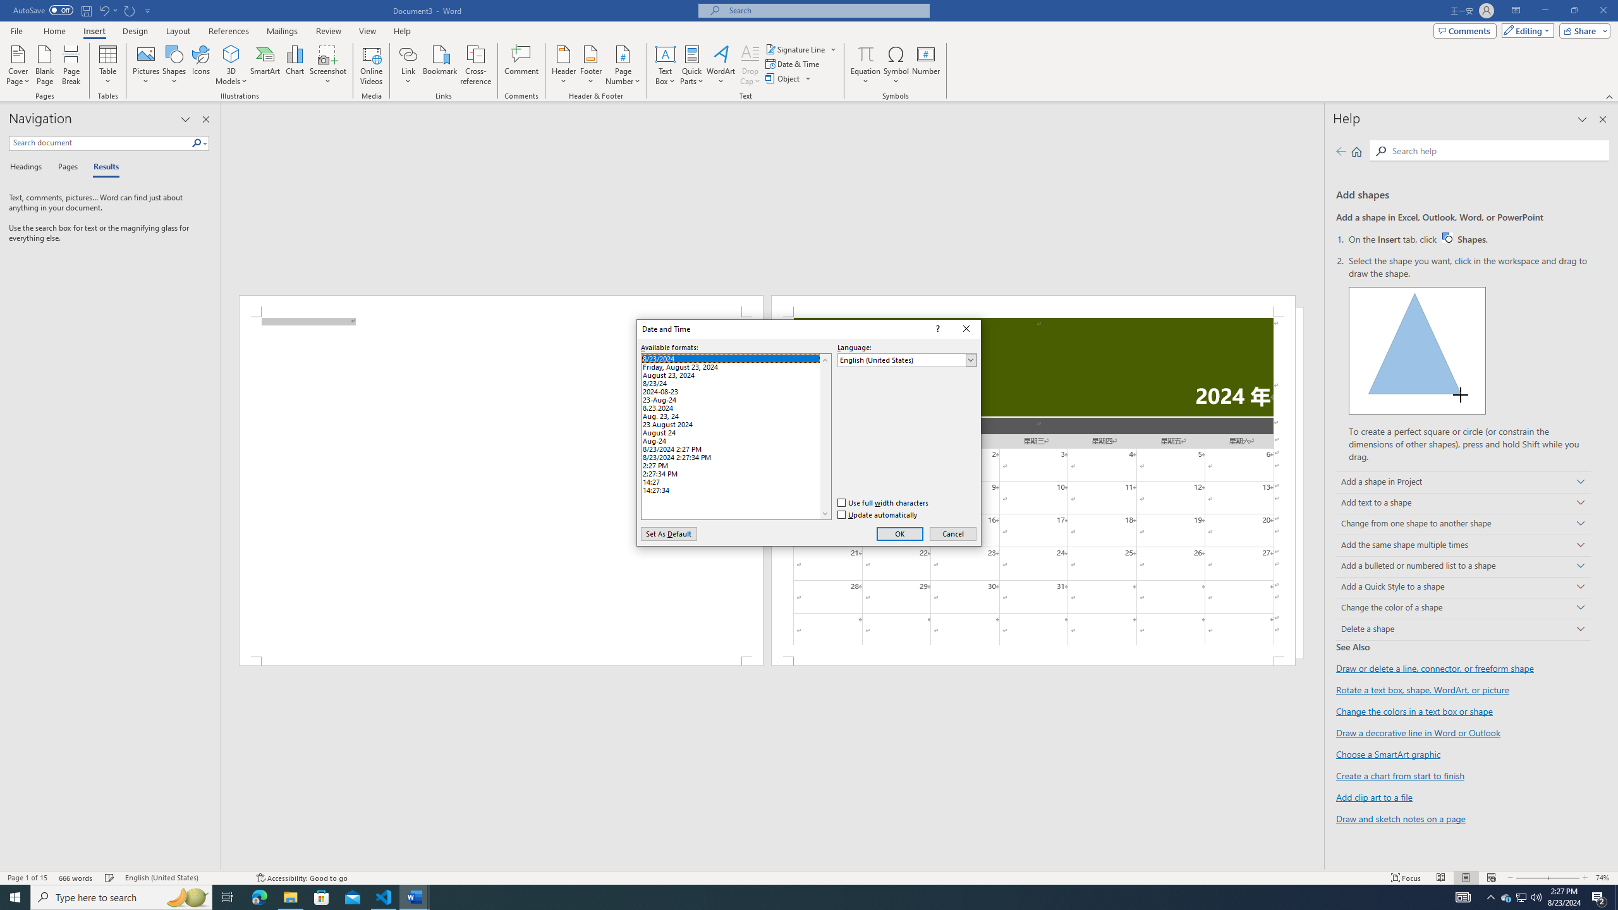 The width and height of the screenshot is (1618, 910). What do you see at coordinates (735, 397) in the screenshot?
I see `'23-Aug-24'` at bounding box center [735, 397].